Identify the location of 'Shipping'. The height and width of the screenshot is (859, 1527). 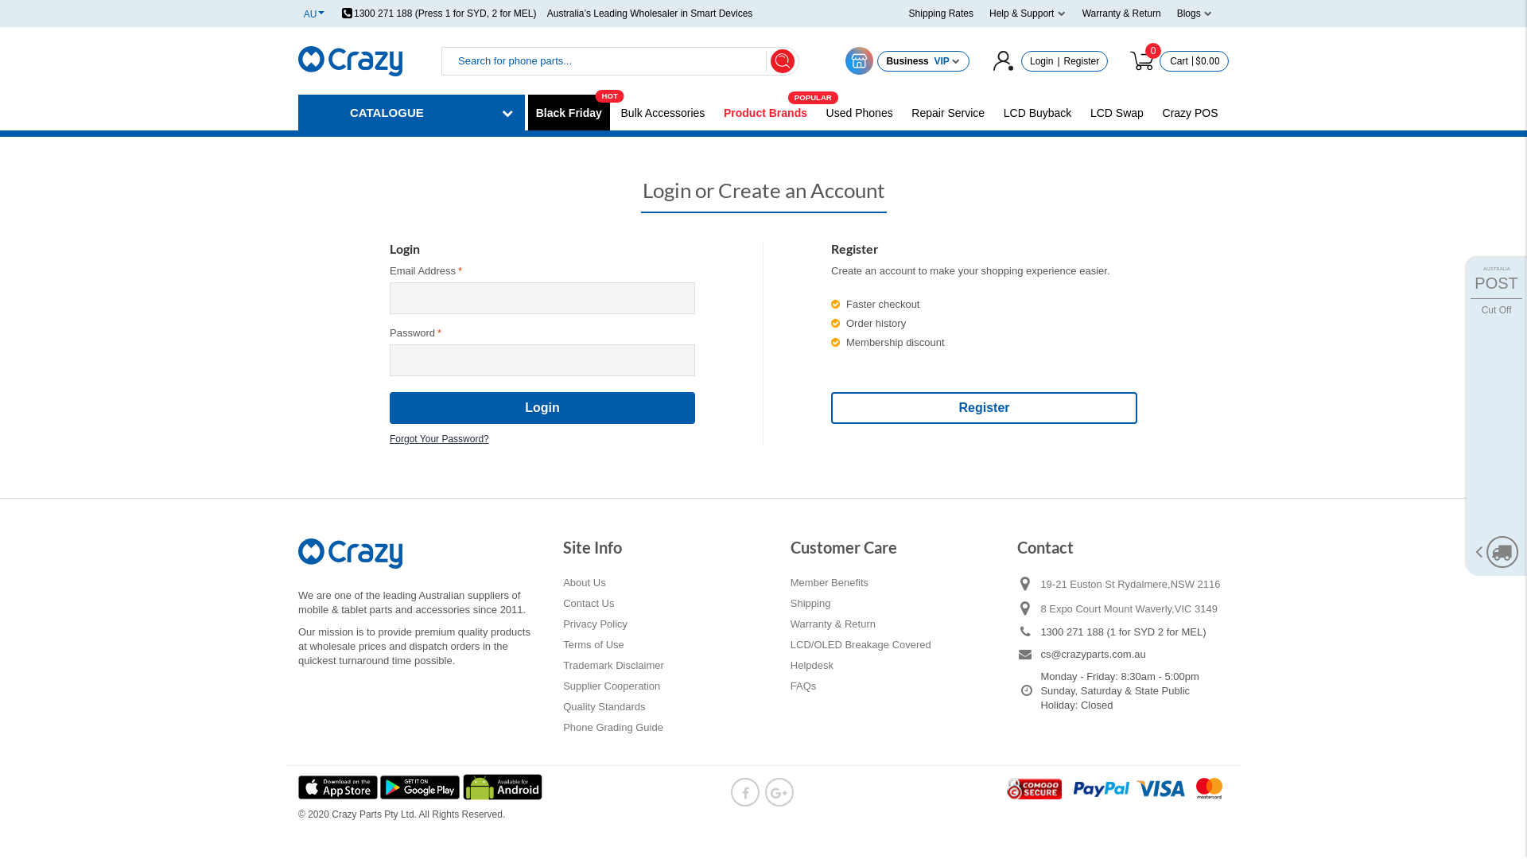
(810, 604).